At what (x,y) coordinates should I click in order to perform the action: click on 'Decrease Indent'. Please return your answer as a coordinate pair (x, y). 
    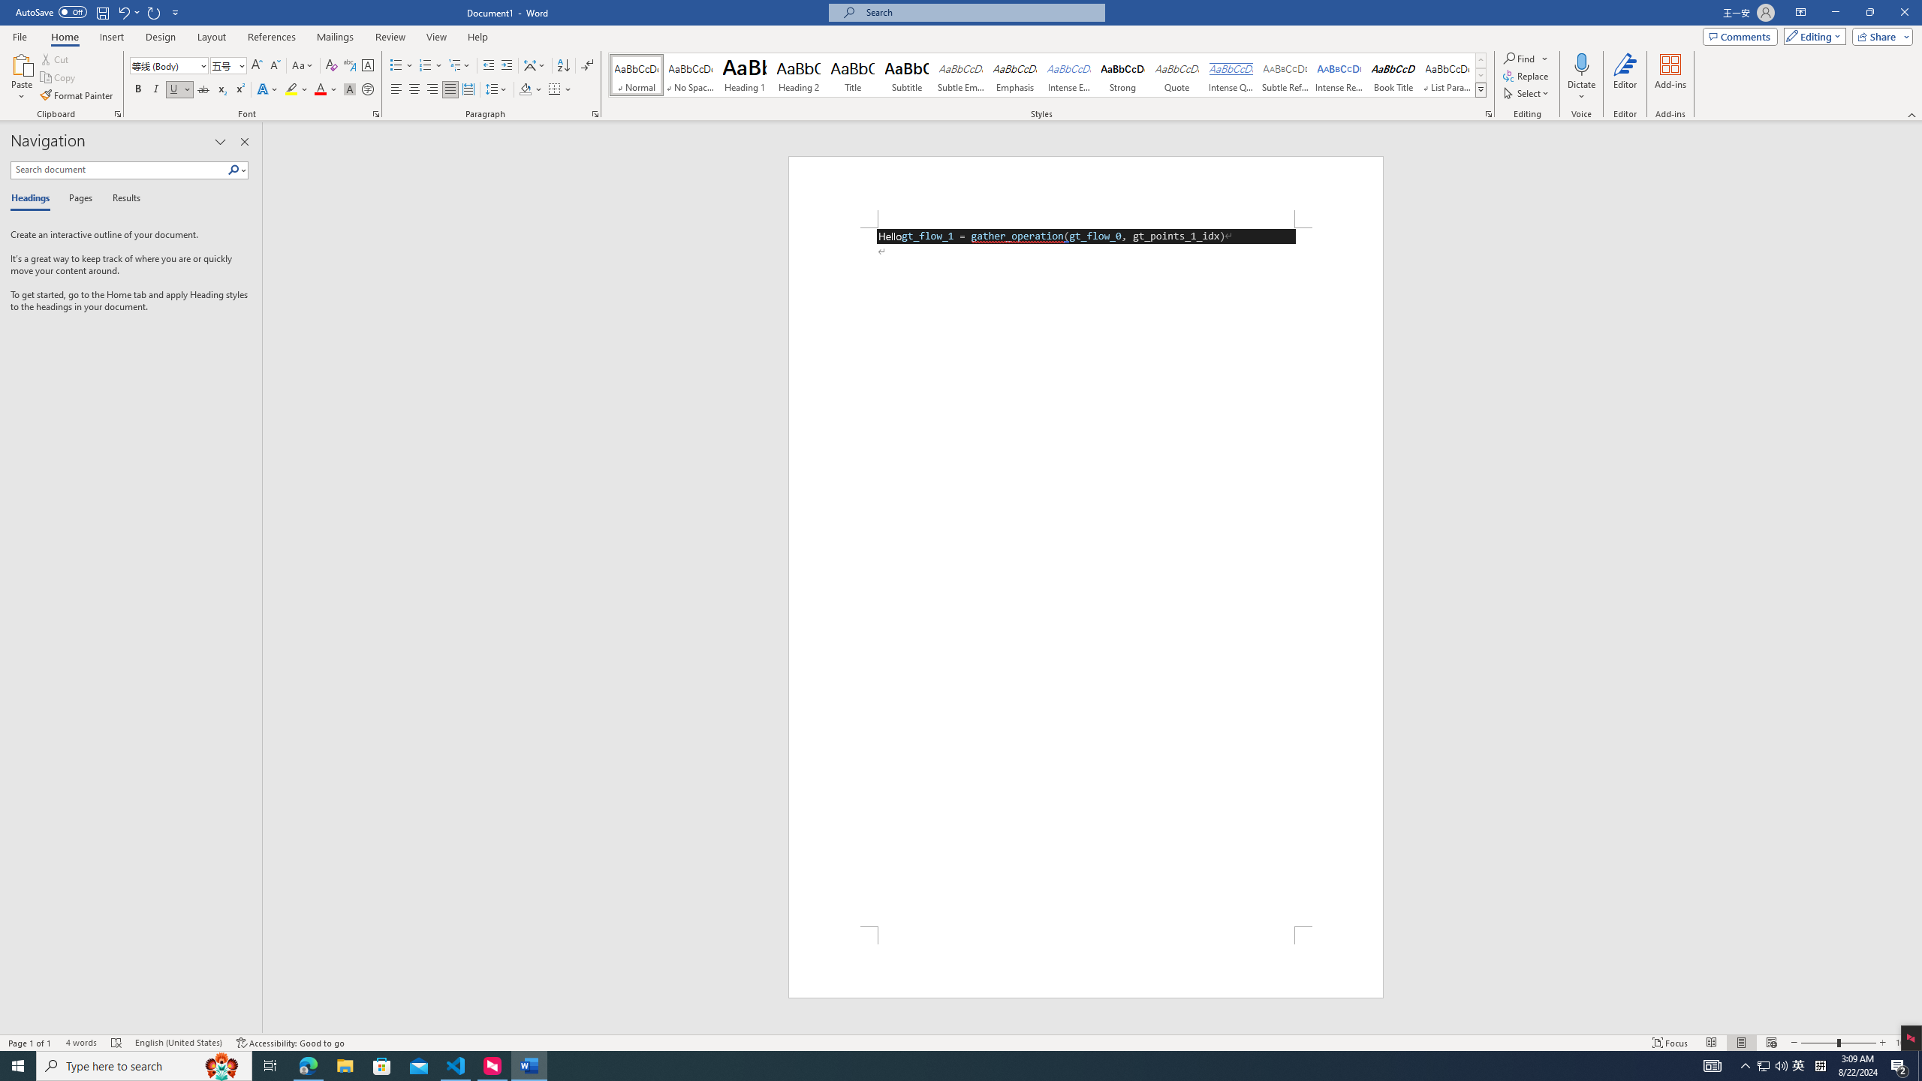
    Looking at the image, I should click on (489, 65).